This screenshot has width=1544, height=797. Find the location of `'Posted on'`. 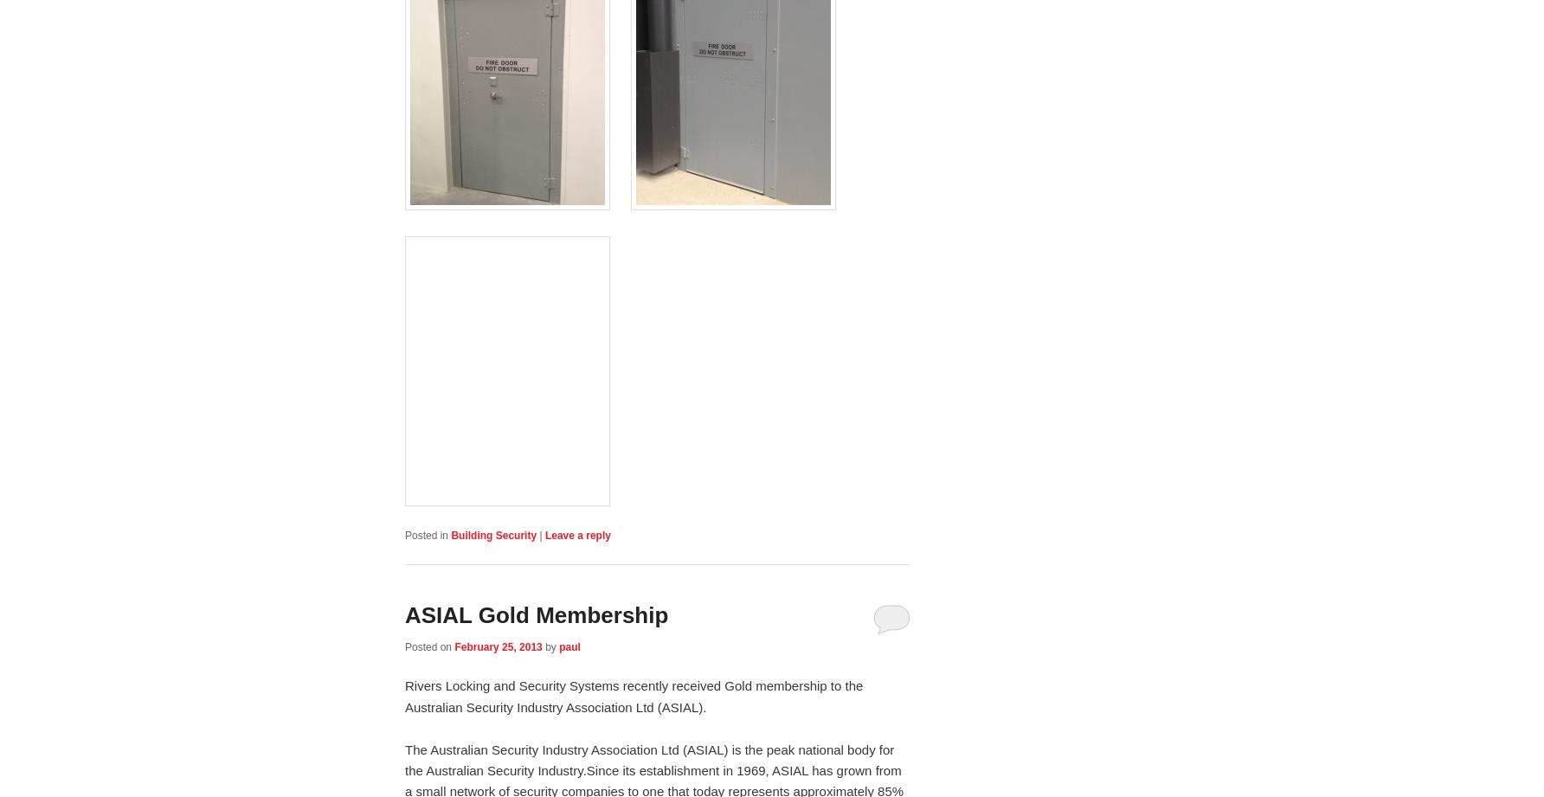

'Posted on' is located at coordinates (404, 647).